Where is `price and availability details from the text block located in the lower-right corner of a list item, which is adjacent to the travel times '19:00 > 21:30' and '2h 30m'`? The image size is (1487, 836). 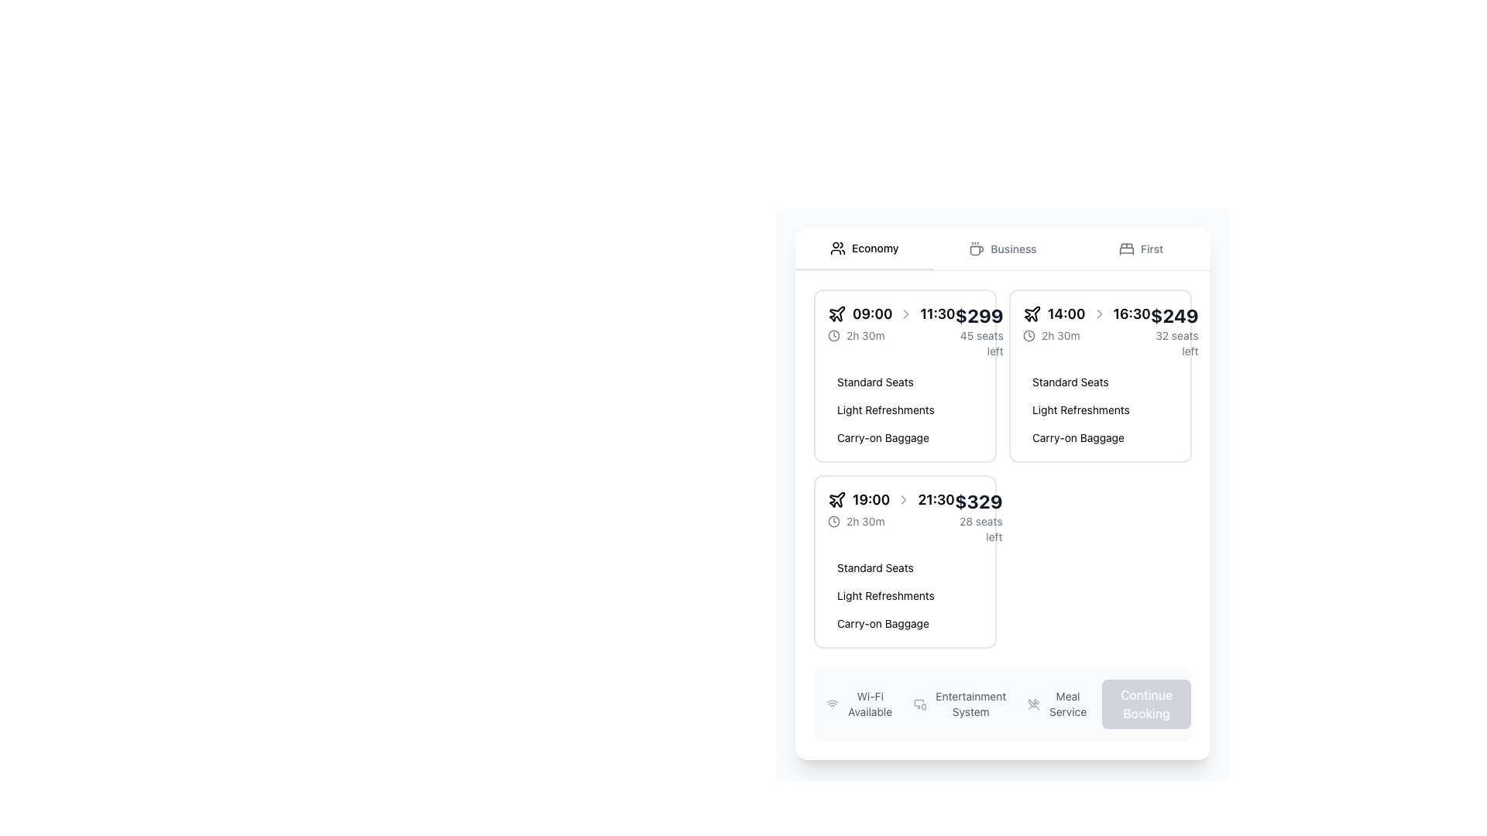
price and availability details from the text block located in the lower-right corner of a list item, which is adjacent to the travel times '19:00 > 21:30' and '2h 30m' is located at coordinates (977, 516).